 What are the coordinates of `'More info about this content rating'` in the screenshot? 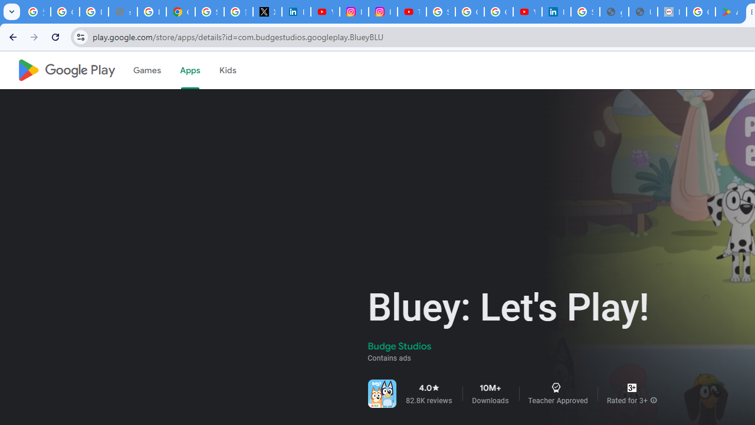 It's located at (653, 400).